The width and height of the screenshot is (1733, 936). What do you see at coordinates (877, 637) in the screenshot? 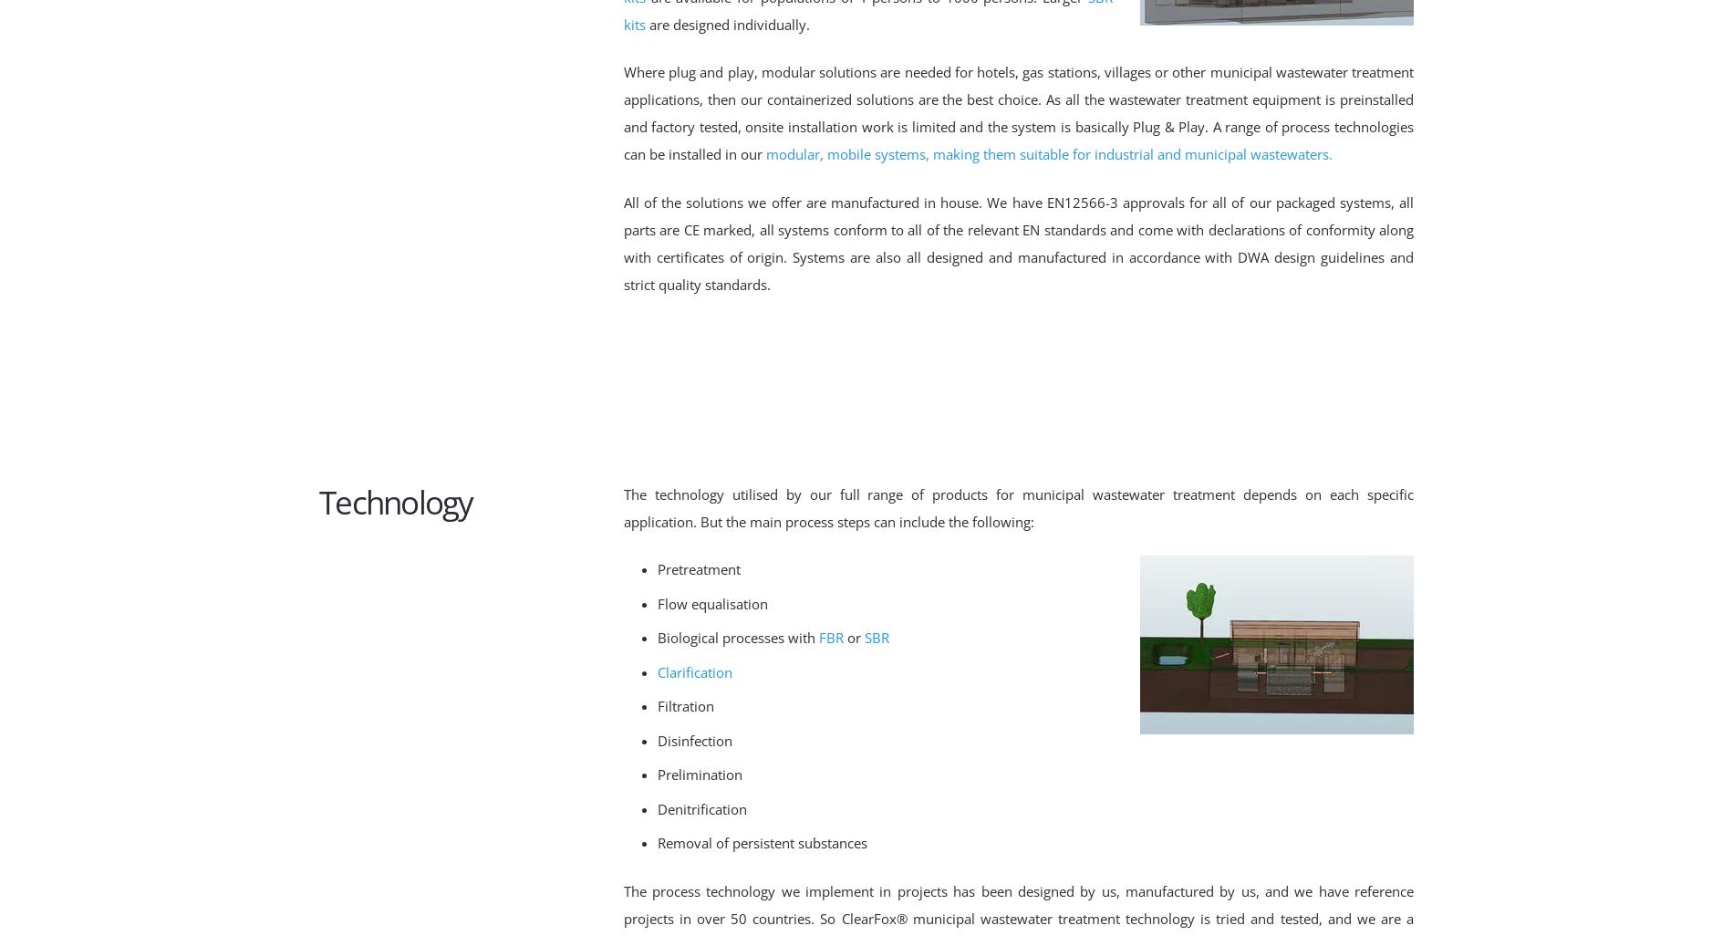
I see `'SBR'` at bounding box center [877, 637].